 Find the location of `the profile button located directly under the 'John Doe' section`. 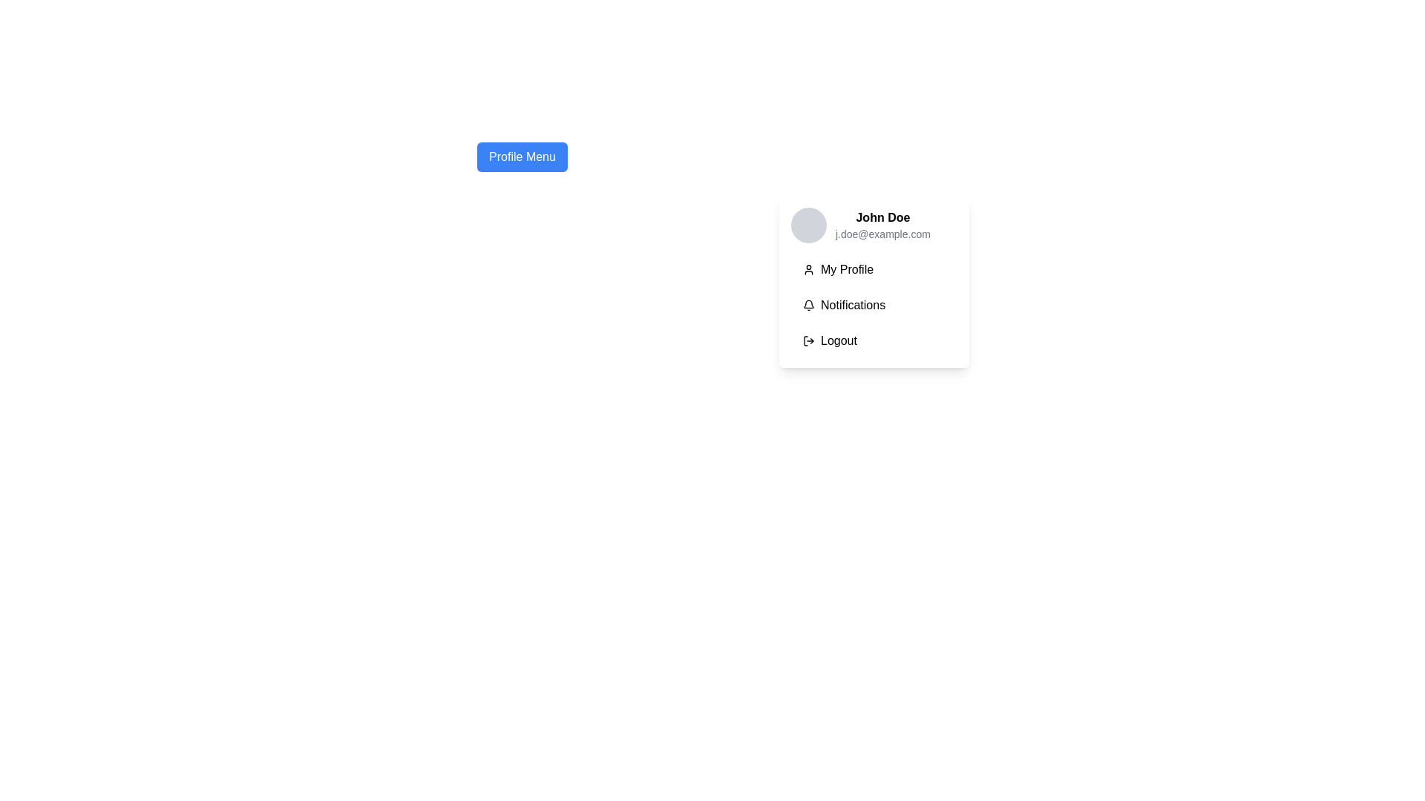

the profile button located directly under the 'John Doe' section is located at coordinates (874, 269).